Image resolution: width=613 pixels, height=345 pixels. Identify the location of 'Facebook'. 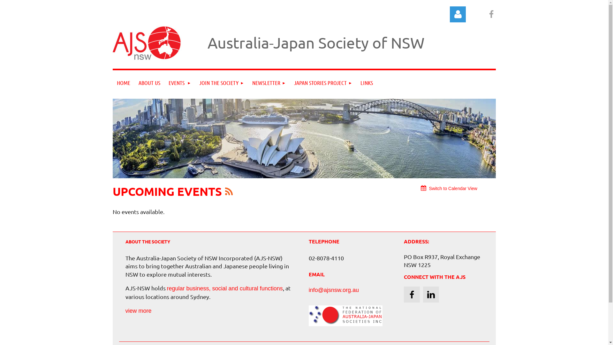
(412, 294).